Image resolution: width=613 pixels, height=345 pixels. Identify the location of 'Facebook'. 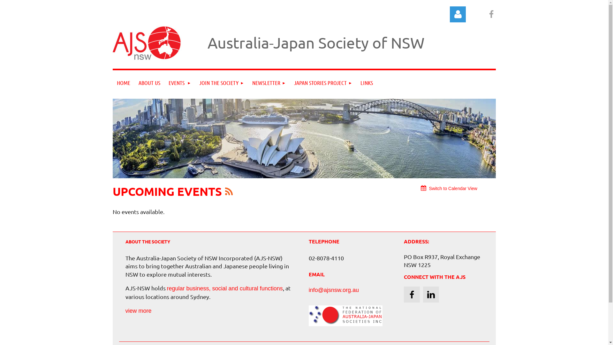
(412, 294).